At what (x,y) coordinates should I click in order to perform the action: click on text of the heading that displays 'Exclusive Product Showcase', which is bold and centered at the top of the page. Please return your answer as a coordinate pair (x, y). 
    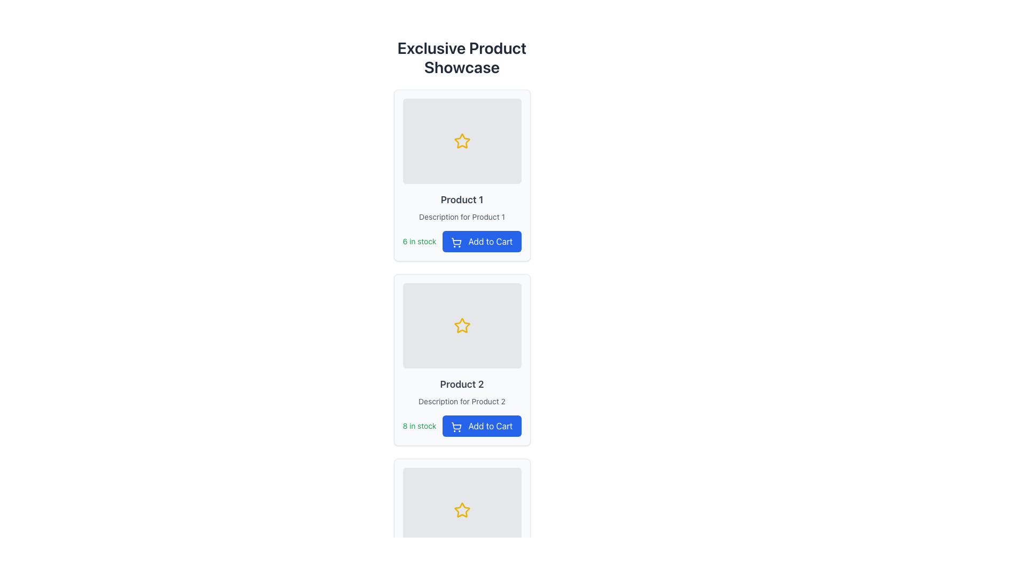
    Looking at the image, I should click on (462, 58).